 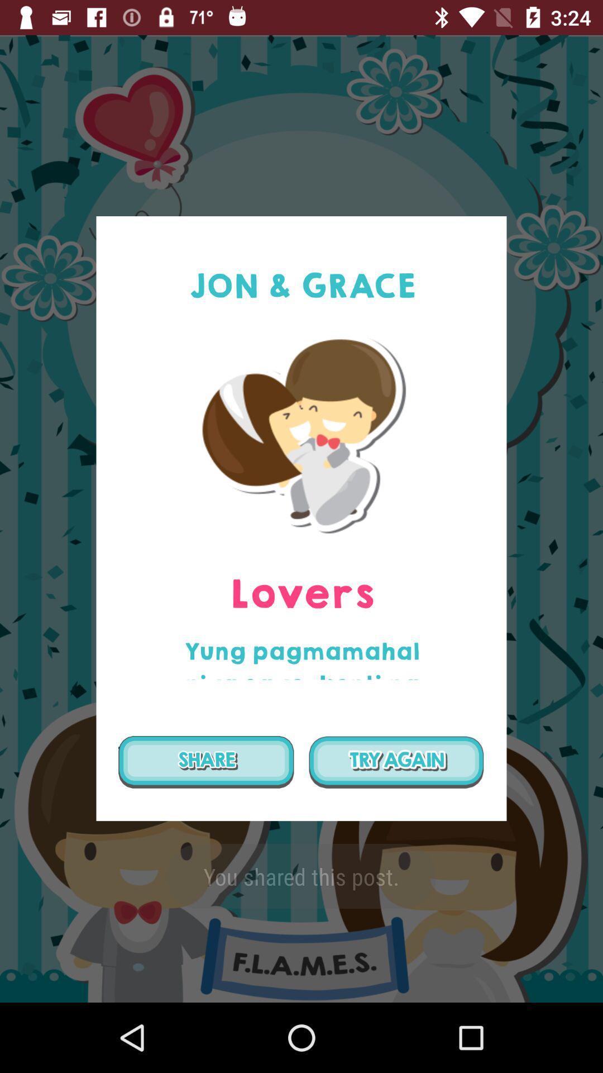 What do you see at coordinates (206, 761) in the screenshot?
I see `share the photo` at bounding box center [206, 761].